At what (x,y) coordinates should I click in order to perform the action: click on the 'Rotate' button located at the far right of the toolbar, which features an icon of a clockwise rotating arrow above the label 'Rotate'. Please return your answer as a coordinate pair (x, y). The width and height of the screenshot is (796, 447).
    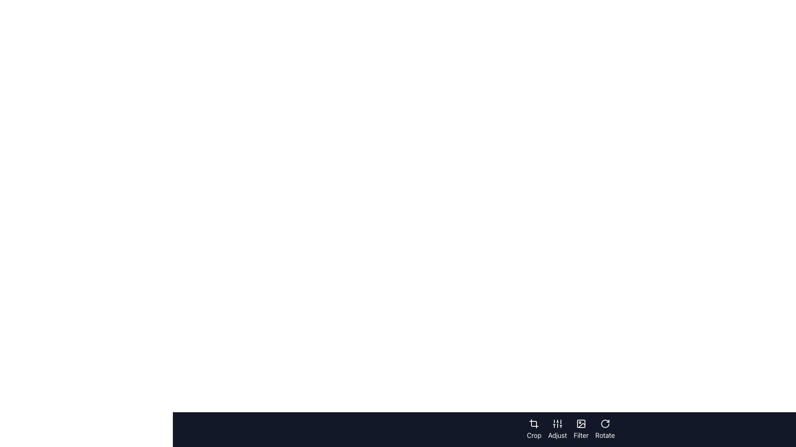
    Looking at the image, I should click on (605, 429).